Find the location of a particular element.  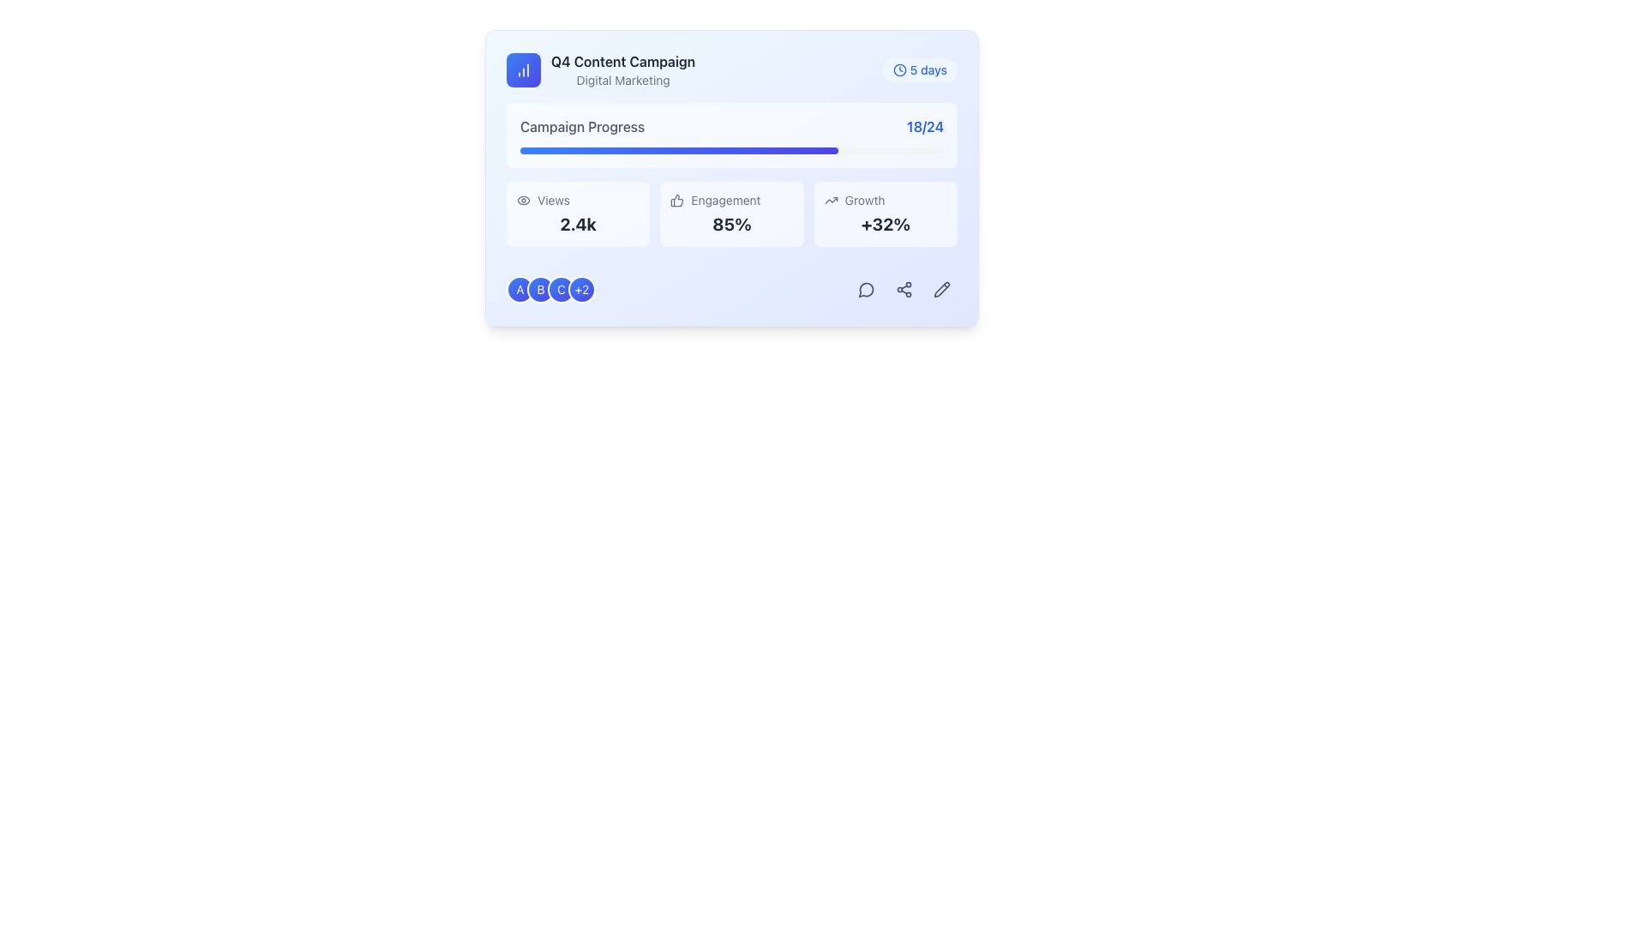

the static text label displaying 'Digital Marketing', which is located directly below the 'Q4 Content Campaign' label is located at coordinates (622, 80).